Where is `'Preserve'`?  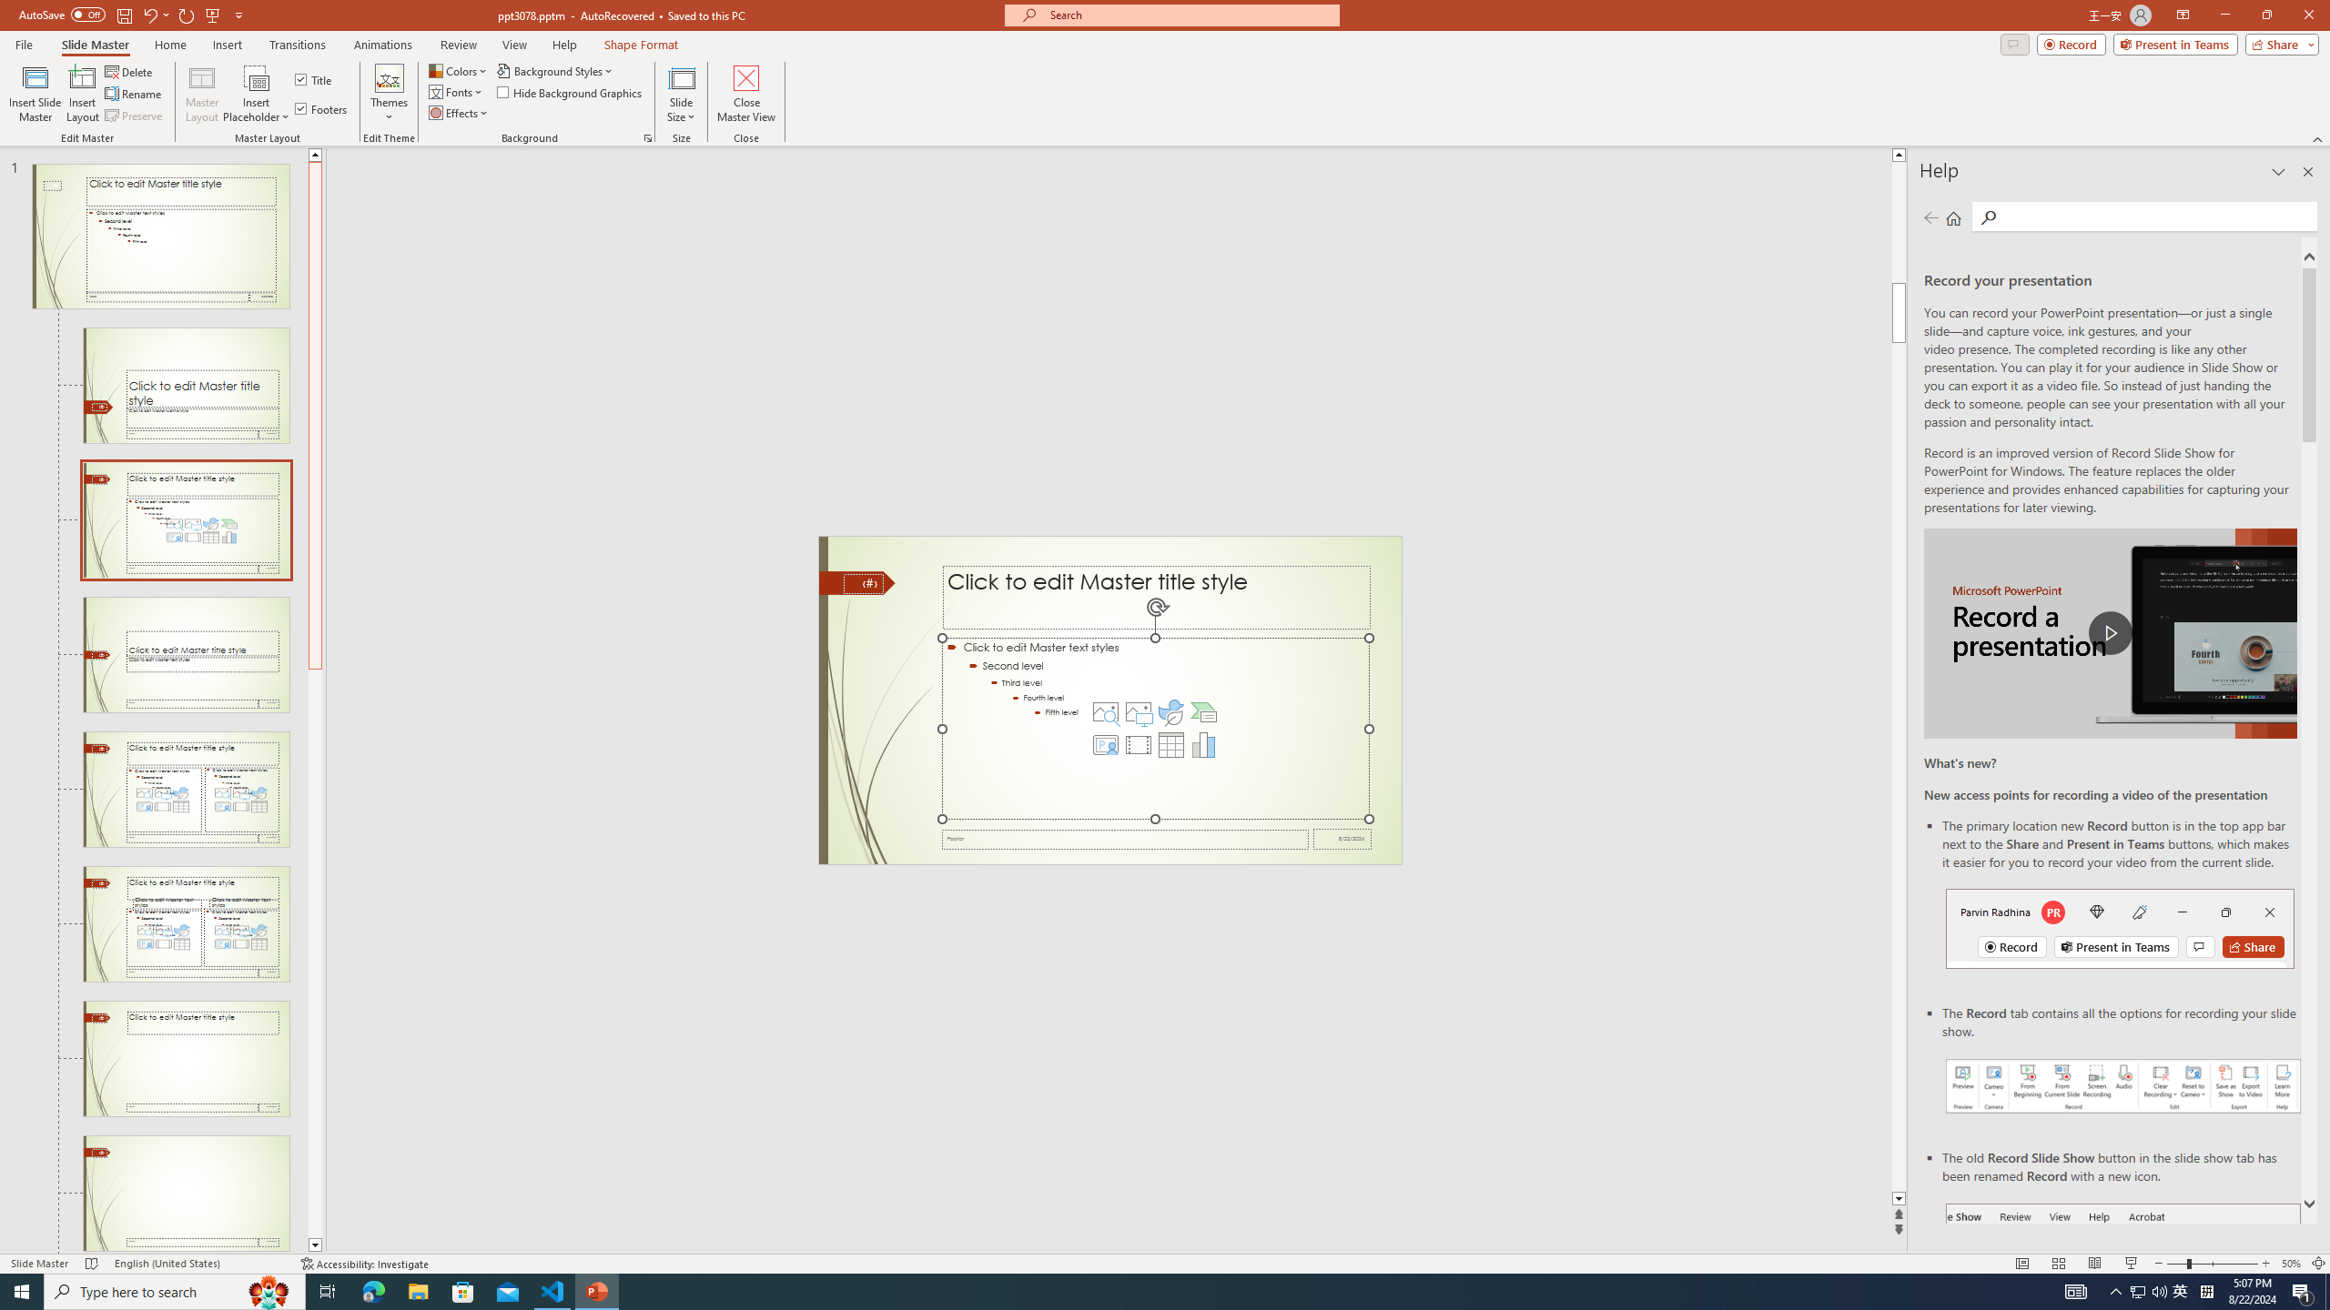 'Preserve' is located at coordinates (134, 116).